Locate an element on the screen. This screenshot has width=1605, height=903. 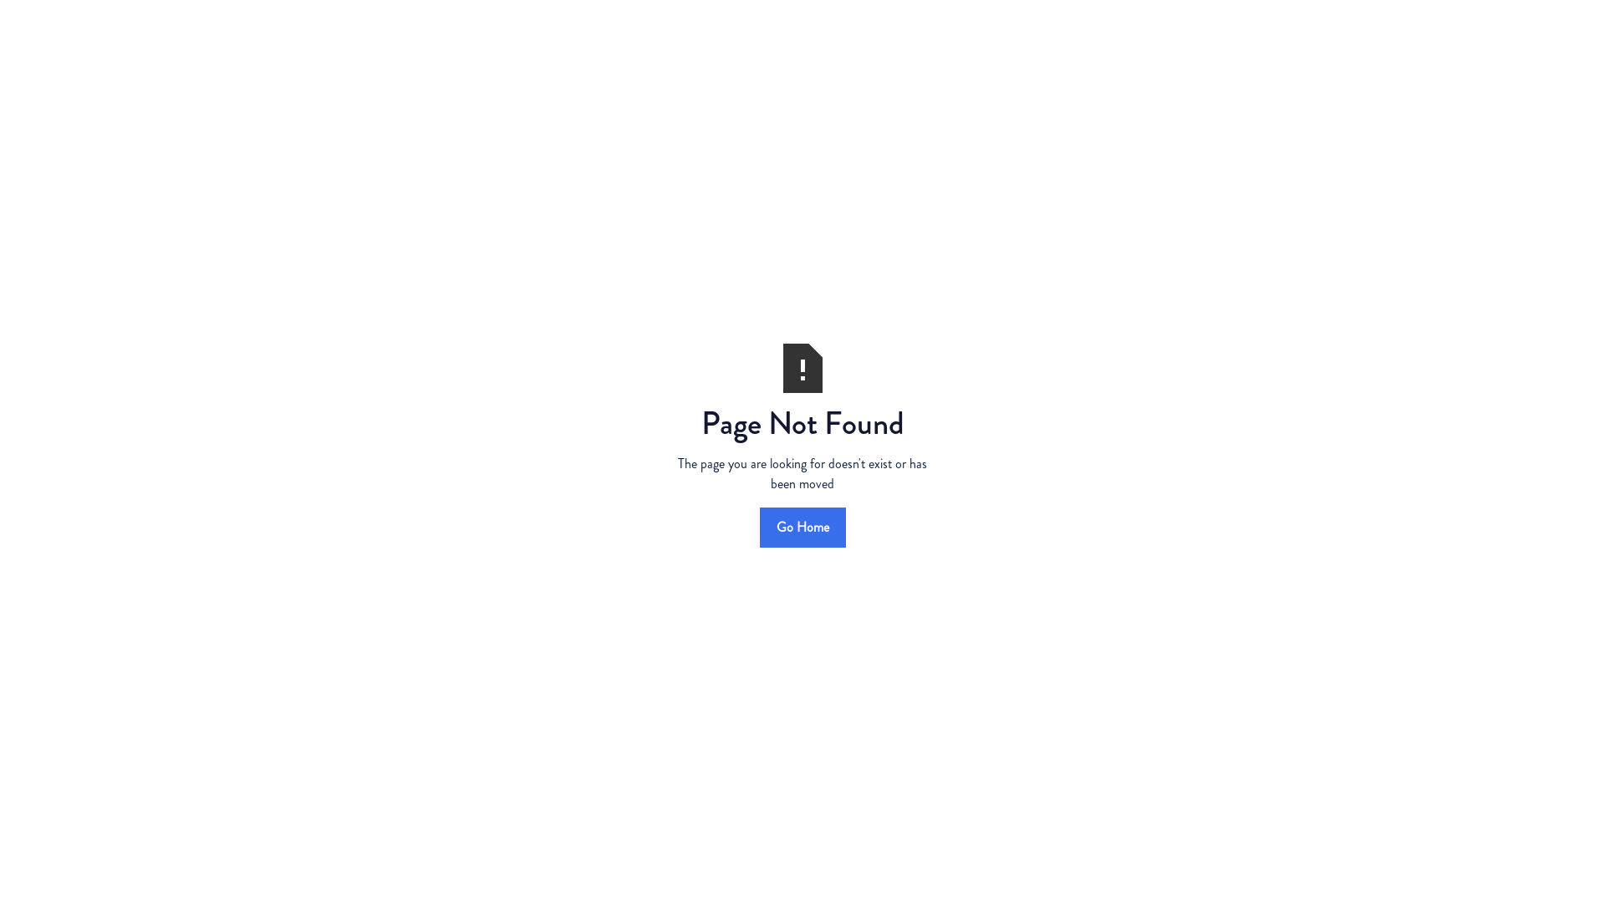
'Go Home' is located at coordinates (757, 525).